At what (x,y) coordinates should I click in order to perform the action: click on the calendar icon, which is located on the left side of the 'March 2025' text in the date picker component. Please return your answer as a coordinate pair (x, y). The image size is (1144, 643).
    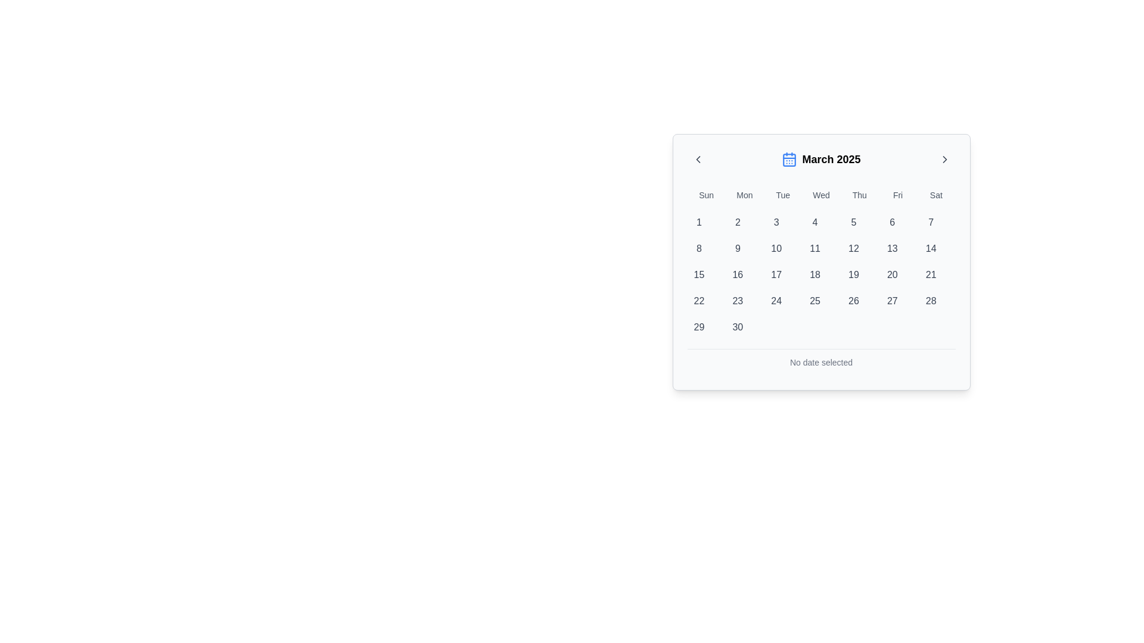
    Looking at the image, I should click on (789, 158).